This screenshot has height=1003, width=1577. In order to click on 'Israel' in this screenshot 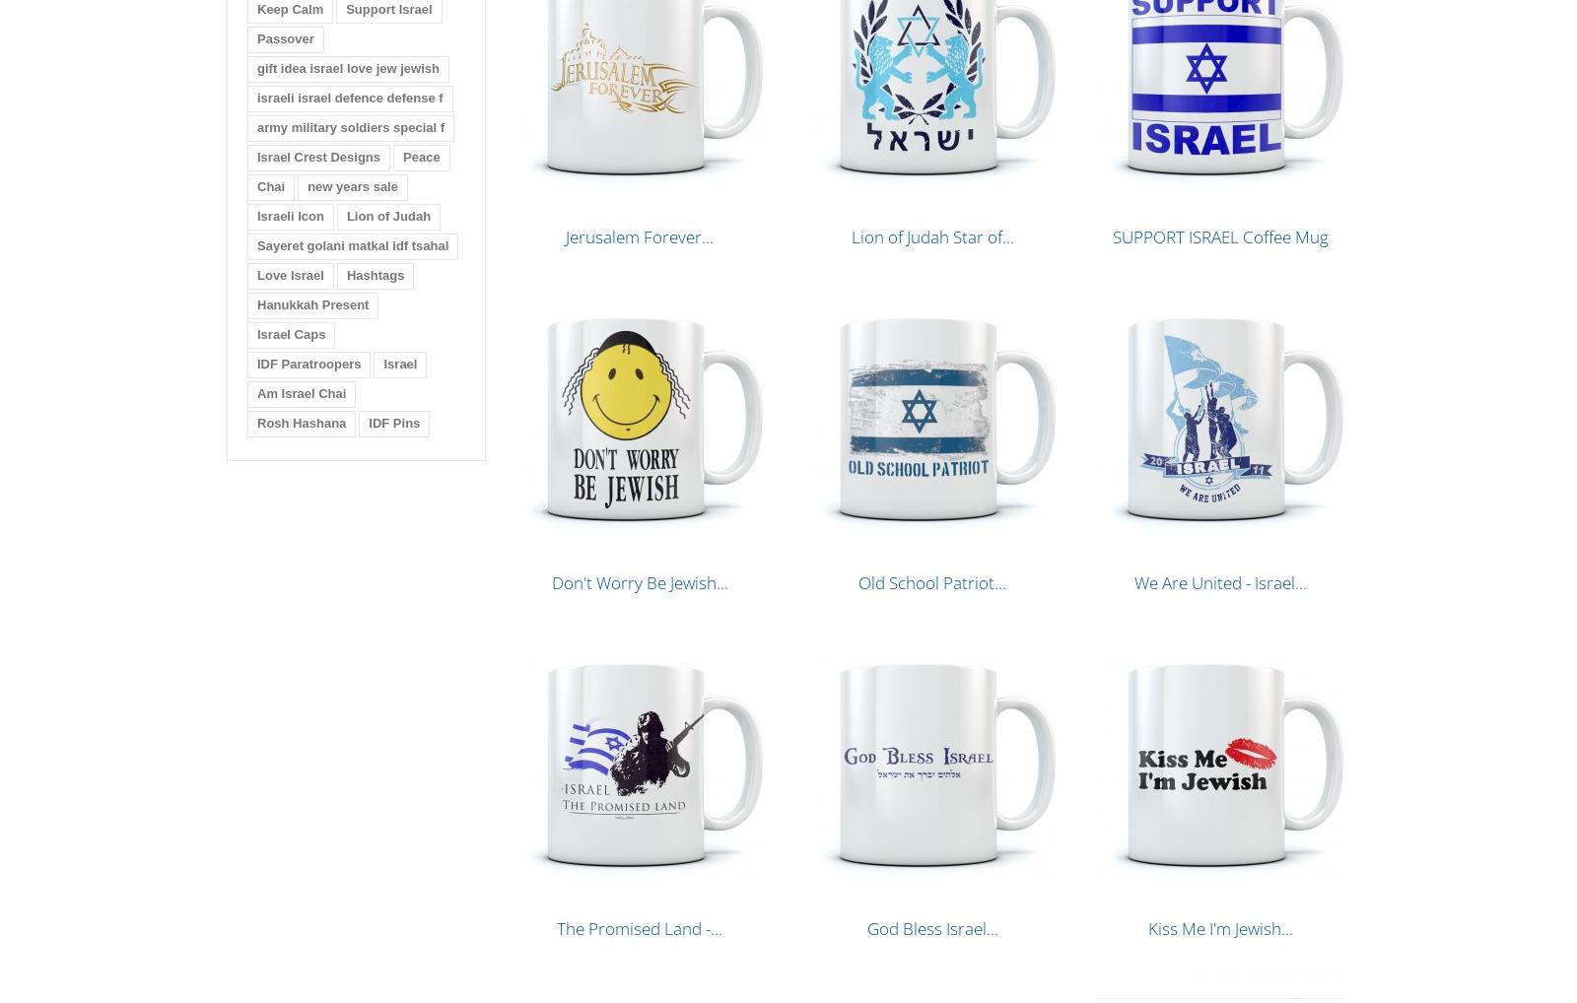, I will do `click(382, 364)`.